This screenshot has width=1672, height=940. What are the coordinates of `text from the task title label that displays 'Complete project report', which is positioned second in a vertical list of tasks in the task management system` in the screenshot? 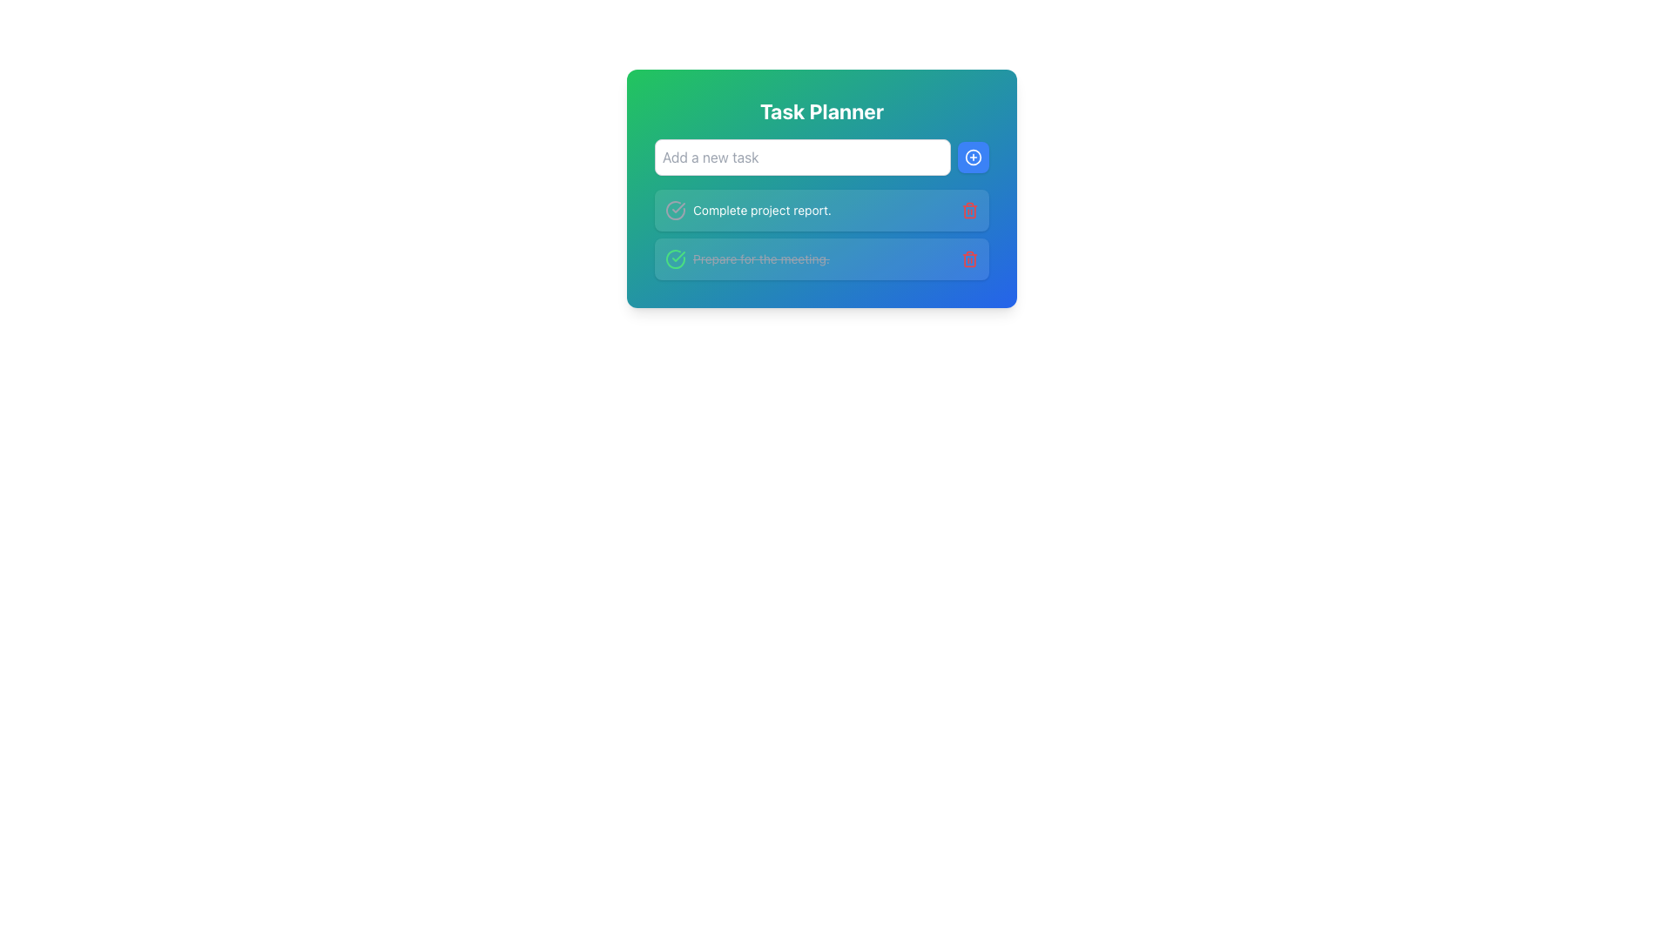 It's located at (762, 210).